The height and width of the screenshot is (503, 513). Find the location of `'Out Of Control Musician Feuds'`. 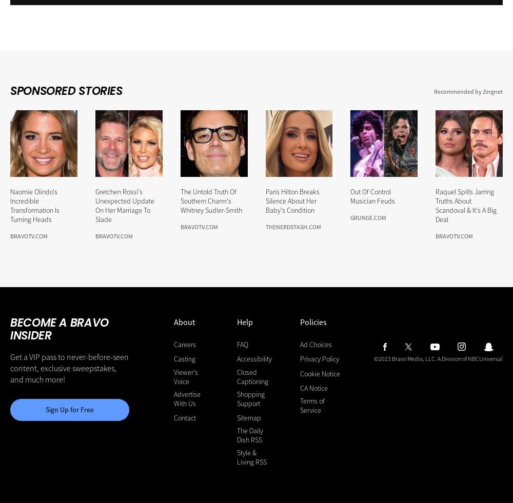

'Out Of Control Musician Feuds' is located at coordinates (372, 195).